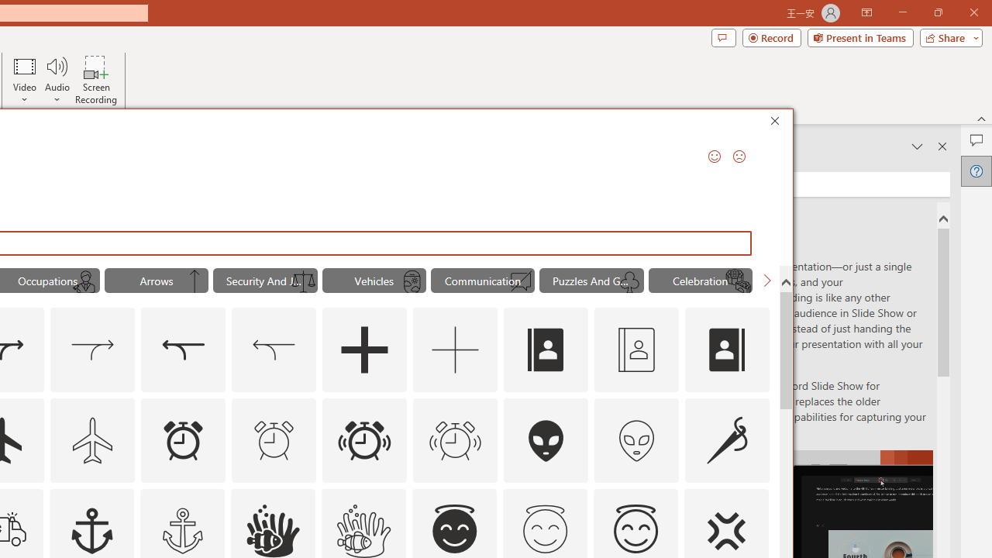 This screenshot has height=558, width=992. What do you see at coordinates (737, 282) in the screenshot?
I see `'AutomationID: Icons_MoonCake_M'` at bounding box center [737, 282].